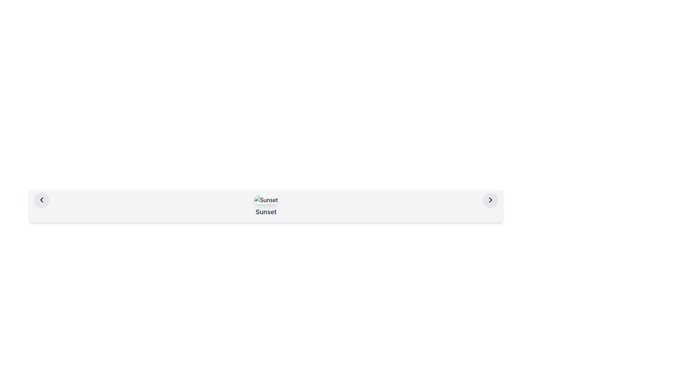  I want to click on text label located at the bottom of the card below the image labeled 'Sunset', so click(265, 211).